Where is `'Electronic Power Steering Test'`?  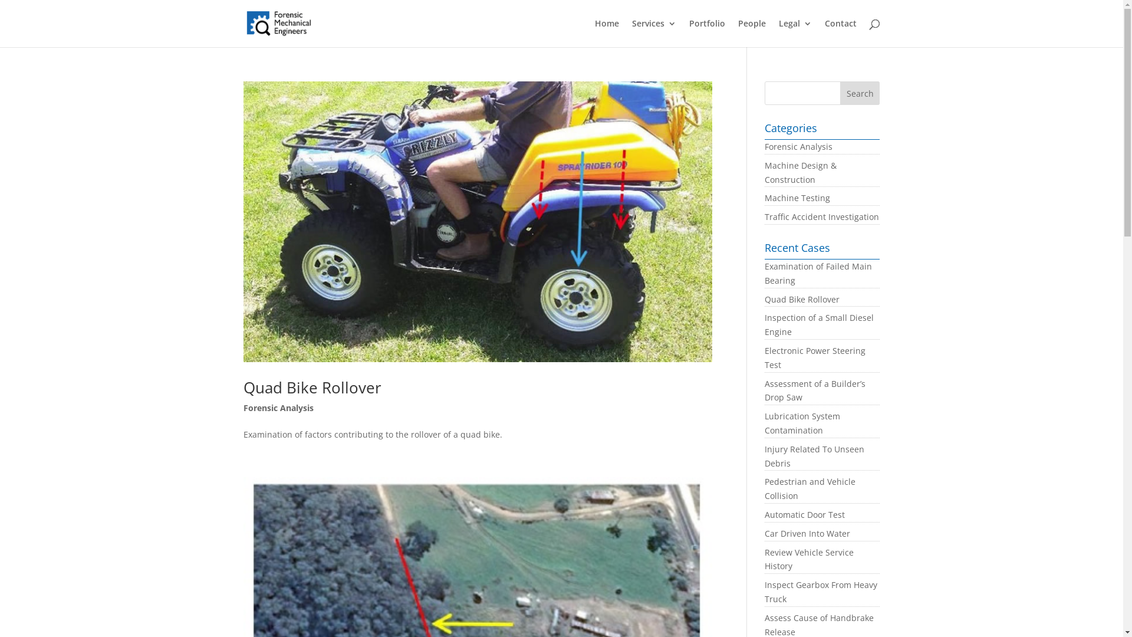
'Electronic Power Steering Test' is located at coordinates (814, 357).